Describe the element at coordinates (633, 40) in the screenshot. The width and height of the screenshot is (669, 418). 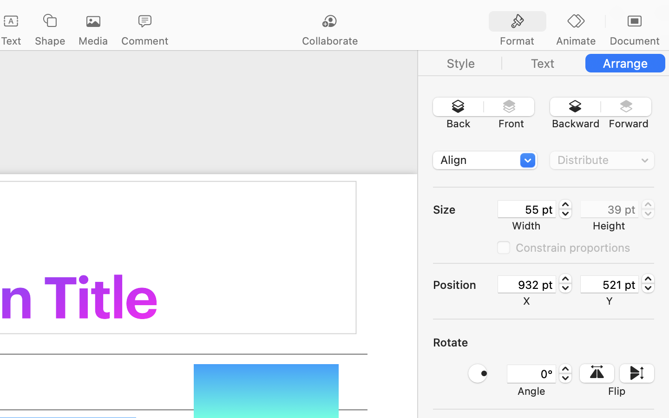
I see `'Document'` at that location.